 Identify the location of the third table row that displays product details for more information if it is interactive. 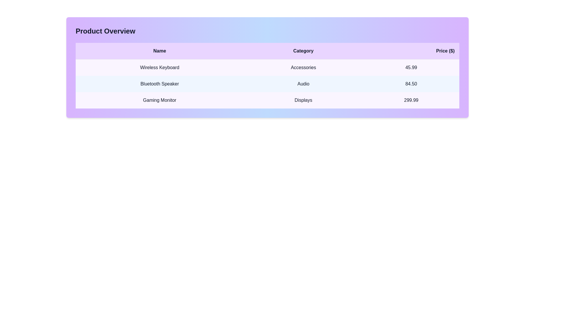
(267, 100).